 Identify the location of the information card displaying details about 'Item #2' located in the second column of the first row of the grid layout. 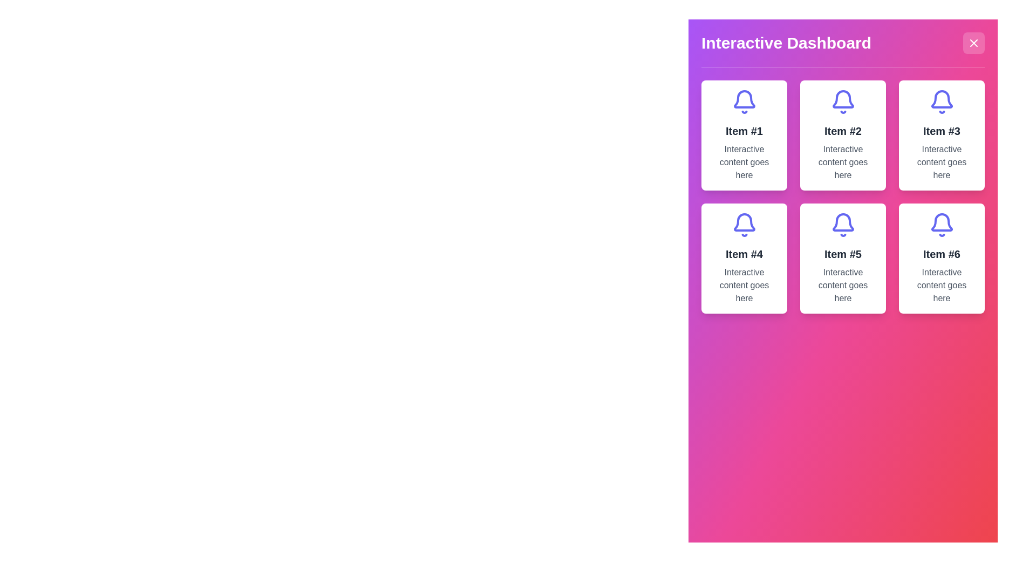
(842, 134).